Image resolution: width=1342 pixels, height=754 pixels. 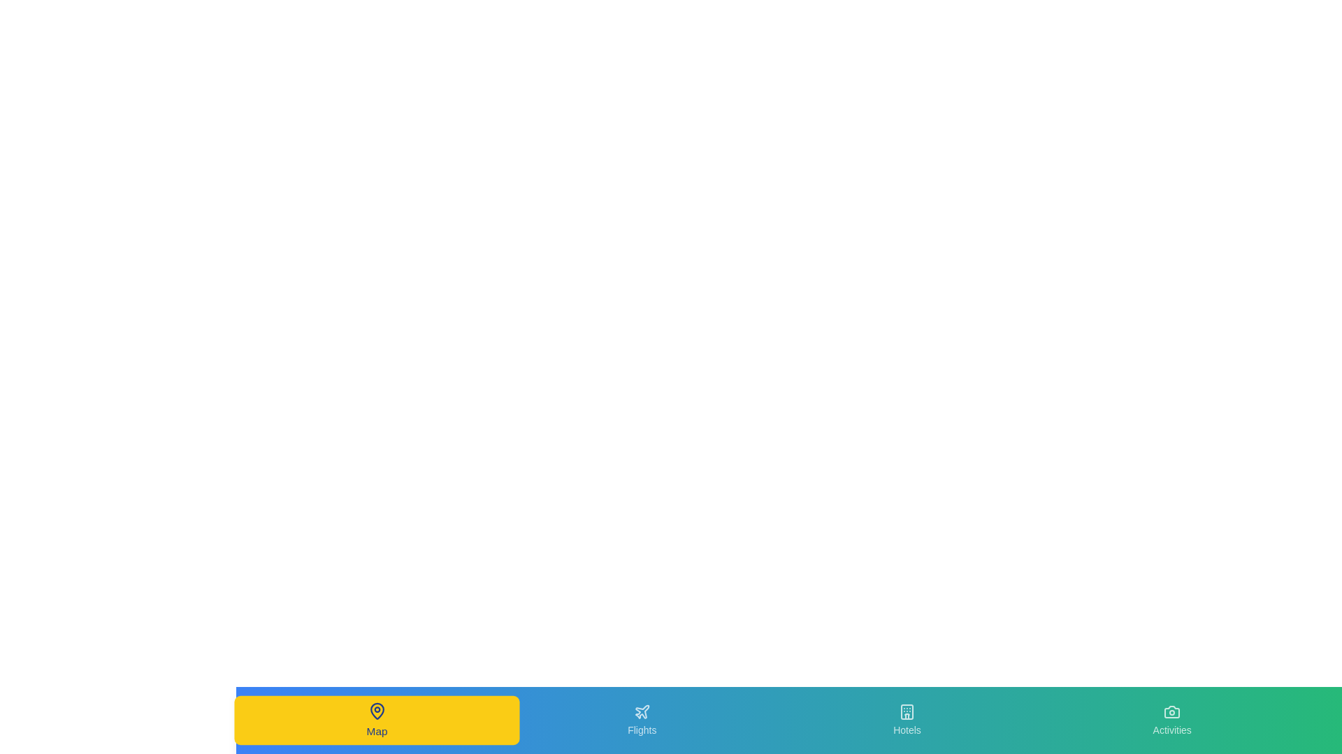 What do you see at coordinates (907, 720) in the screenshot?
I see `the Hotels navigation tab to change the view` at bounding box center [907, 720].